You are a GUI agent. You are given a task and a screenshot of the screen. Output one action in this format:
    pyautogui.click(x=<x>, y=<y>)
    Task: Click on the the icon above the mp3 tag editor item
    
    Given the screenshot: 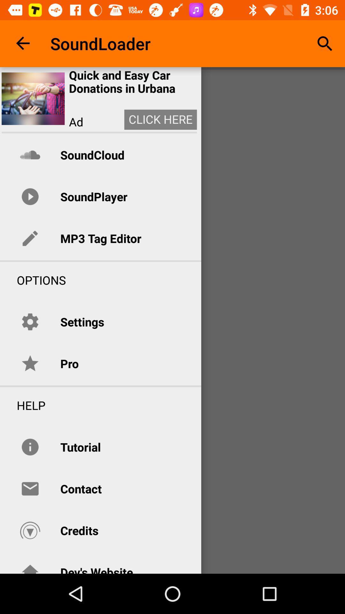 What is the action you would take?
    pyautogui.click(x=94, y=196)
    